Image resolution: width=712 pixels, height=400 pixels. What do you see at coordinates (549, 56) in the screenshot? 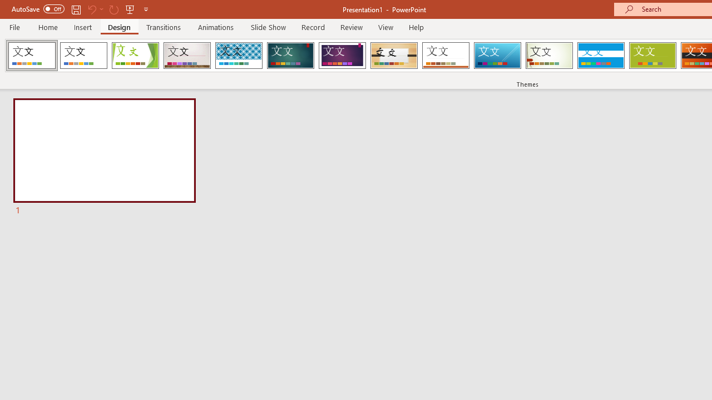
I see `'Wisp Loading Preview...'` at bounding box center [549, 56].